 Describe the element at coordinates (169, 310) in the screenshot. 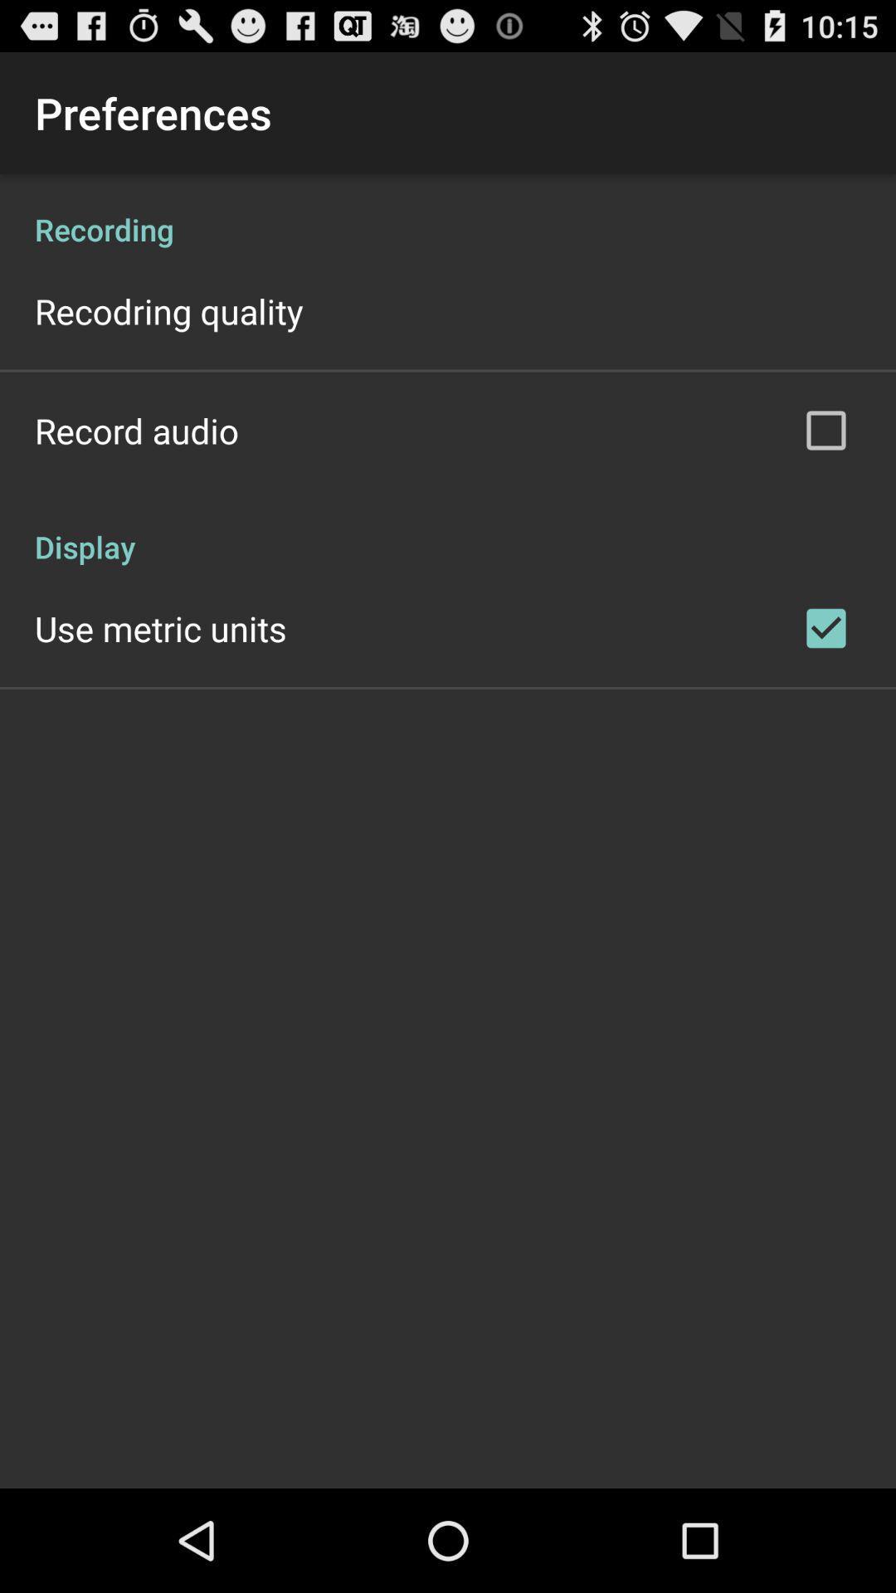

I see `item above the record audio icon` at that location.